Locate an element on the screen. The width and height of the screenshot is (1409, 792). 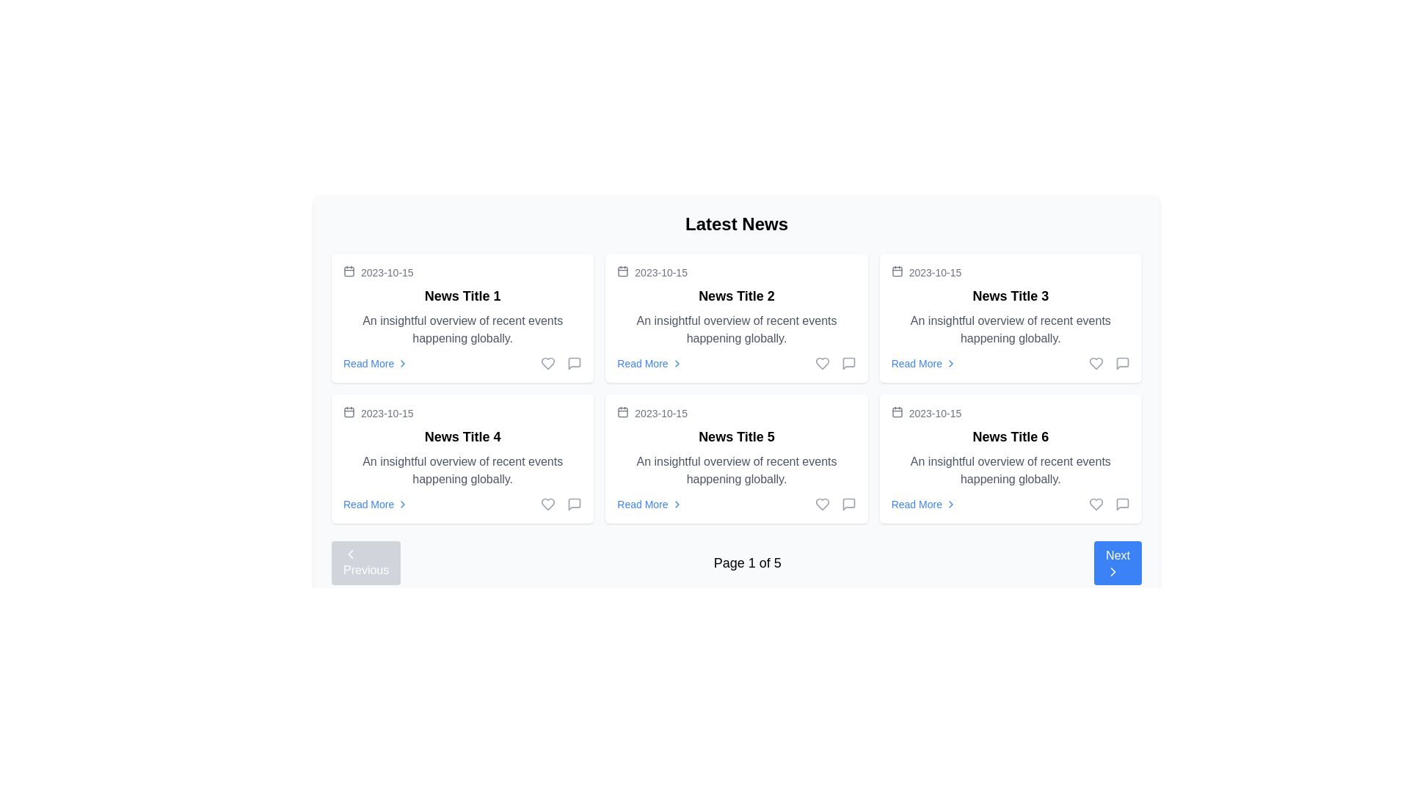
the 'Read More' hyperlink button with an arrow icon located below the news card titled 'News Title 4' in the lower-left card of the layout is located at coordinates (376, 503).